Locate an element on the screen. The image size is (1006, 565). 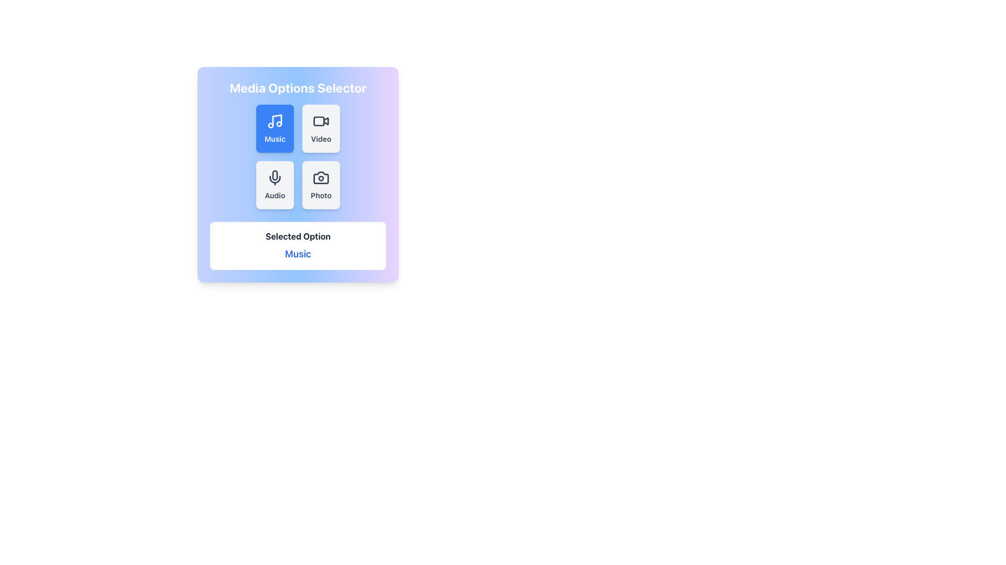
the 'Photo' text label which is styled with a smaller bold font and is positioned below a camera icon within a light gray button in the 'Media Options Selector' card is located at coordinates (321, 196).